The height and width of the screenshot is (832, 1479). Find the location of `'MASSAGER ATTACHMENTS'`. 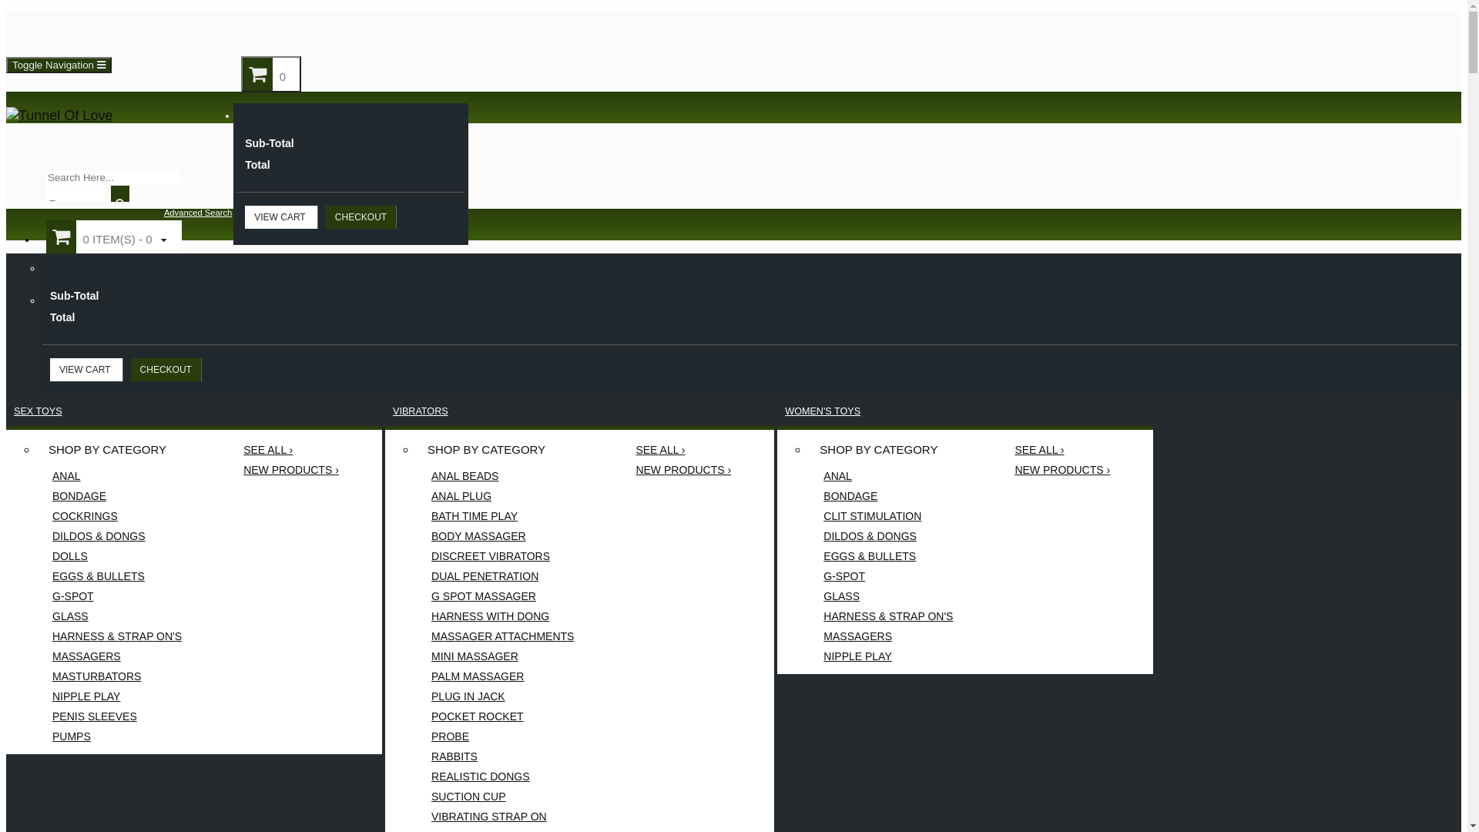

'MASSAGER ATTACHMENTS' is located at coordinates (502, 636).